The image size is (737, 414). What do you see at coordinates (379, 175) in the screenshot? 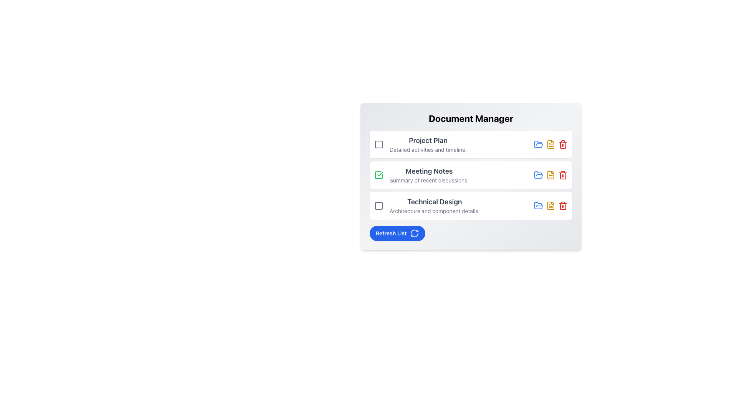
I see `the checkbox located at the beginning of the 'Meeting Notes' section` at bounding box center [379, 175].